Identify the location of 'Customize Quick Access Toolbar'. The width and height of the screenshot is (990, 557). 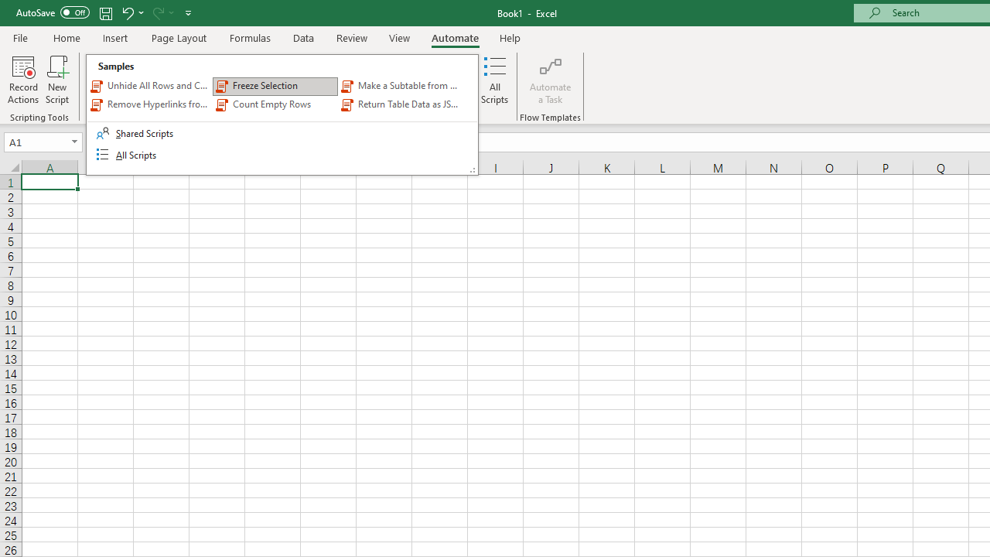
(188, 12).